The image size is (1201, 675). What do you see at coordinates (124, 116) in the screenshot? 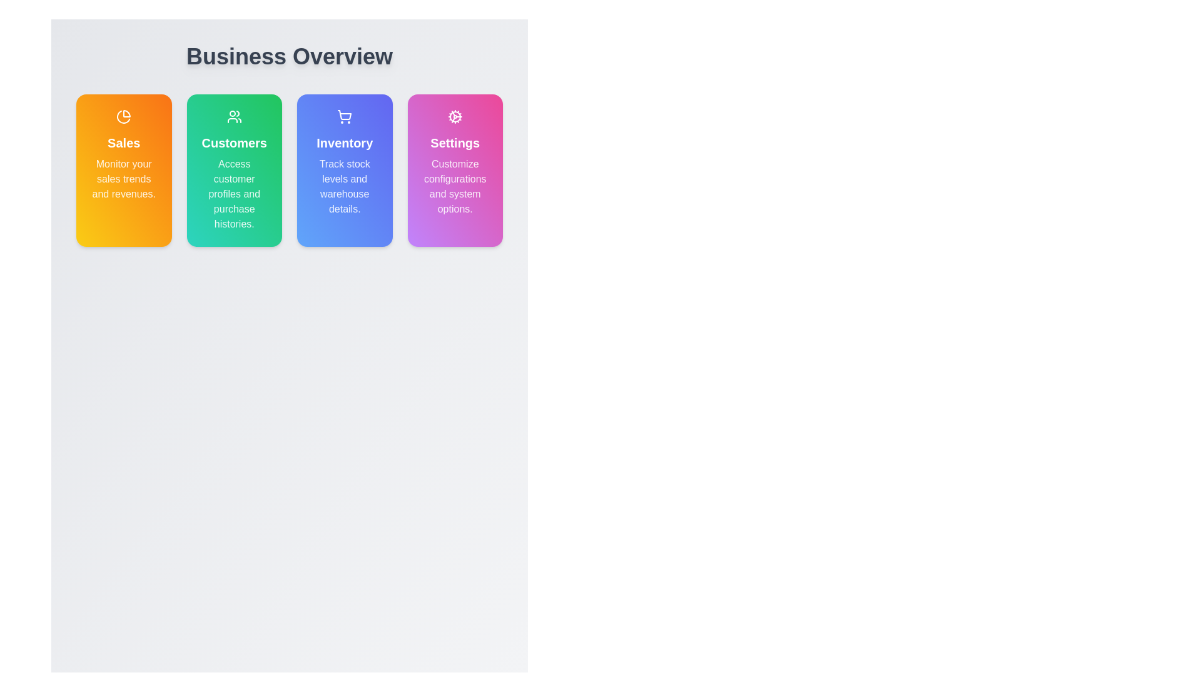
I see `the central icon representing the 'Sales' category located in the top section of the orange rectangular block labeled 'Sales'` at bounding box center [124, 116].